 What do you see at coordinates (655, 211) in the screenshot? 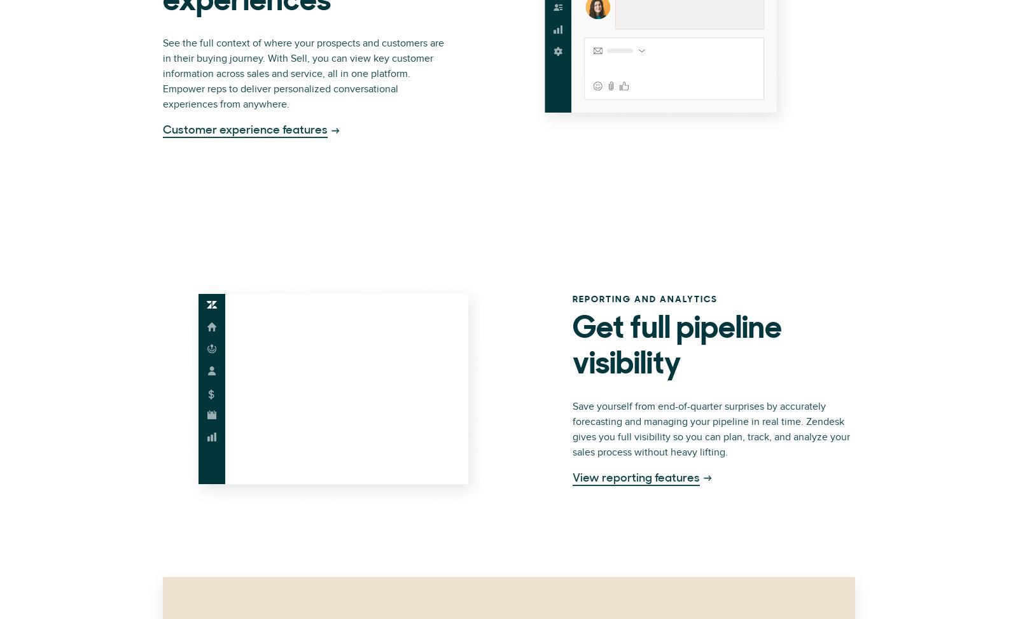
I see `'System status'` at bounding box center [655, 211].